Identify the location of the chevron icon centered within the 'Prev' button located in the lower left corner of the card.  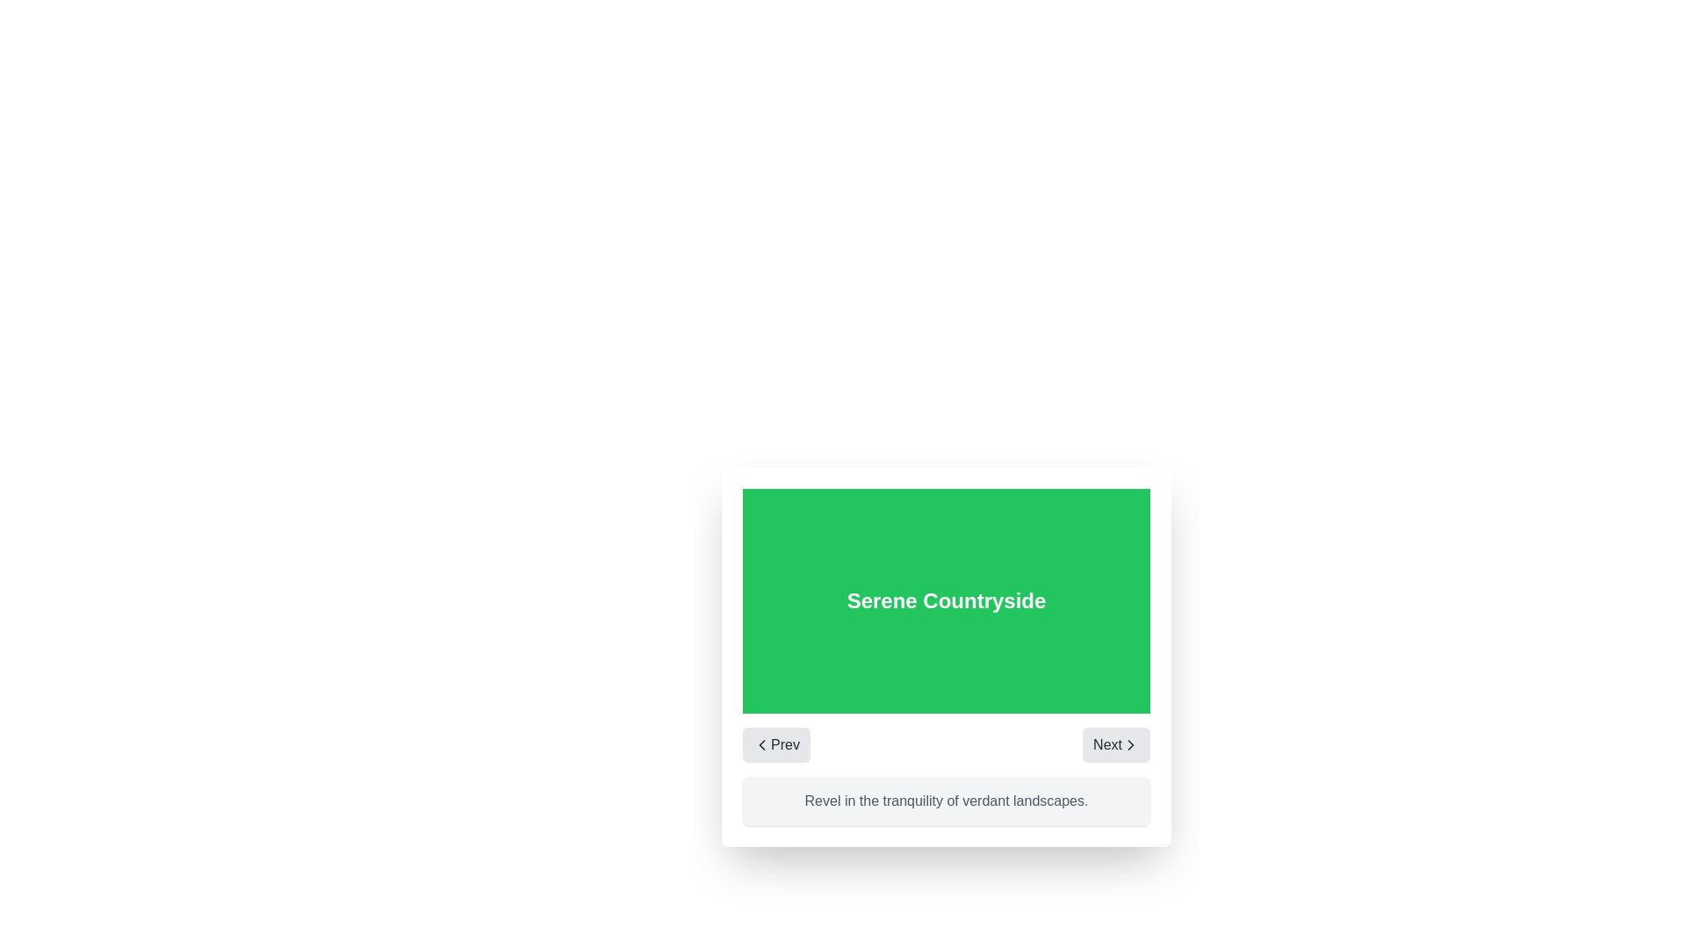
(762, 744).